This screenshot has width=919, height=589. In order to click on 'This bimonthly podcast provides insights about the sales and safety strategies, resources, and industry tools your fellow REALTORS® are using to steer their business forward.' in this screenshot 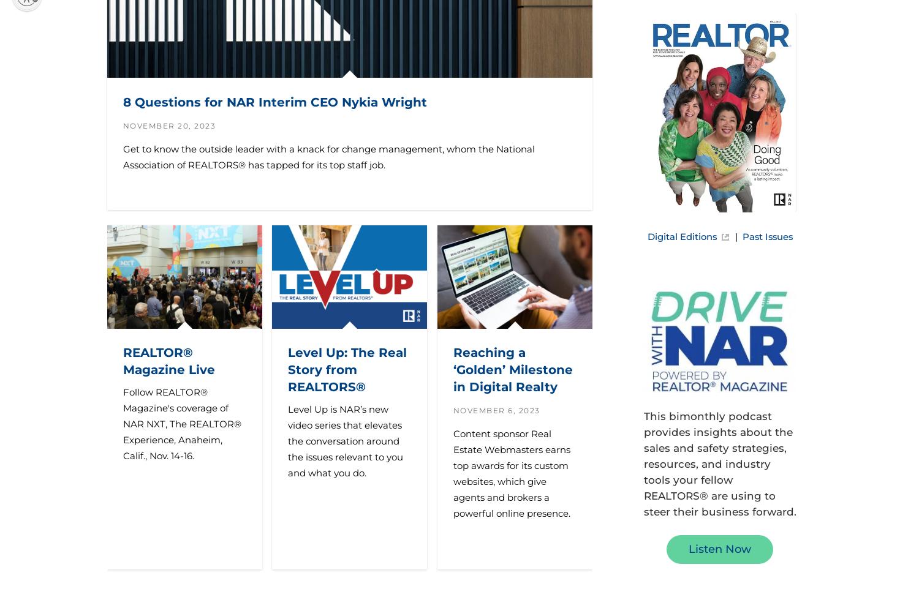, I will do `click(719, 463)`.